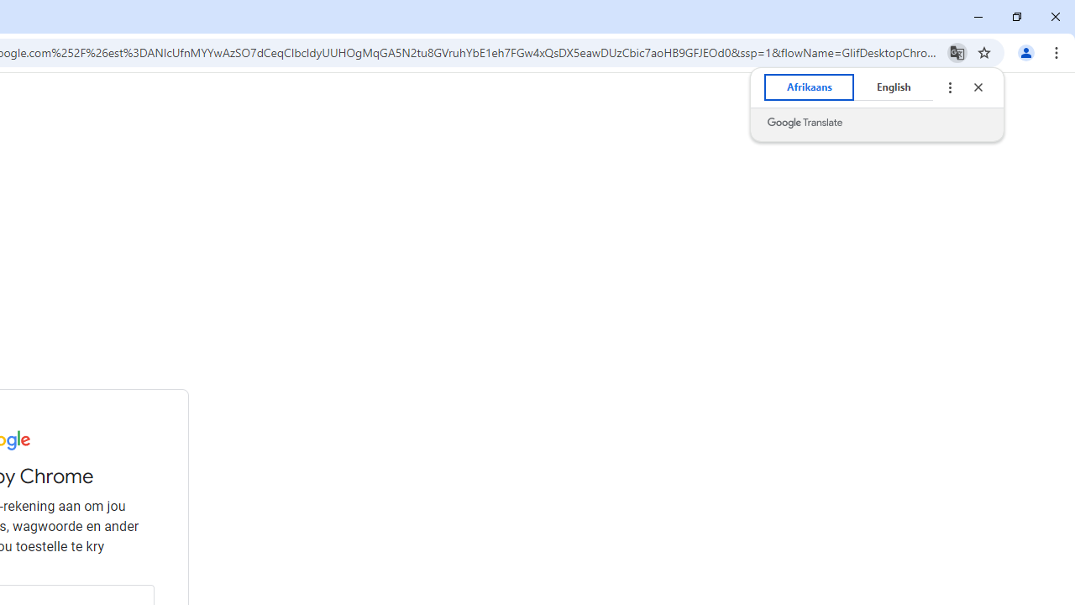 The height and width of the screenshot is (605, 1075). Describe the element at coordinates (893, 87) in the screenshot. I see `'English'` at that location.